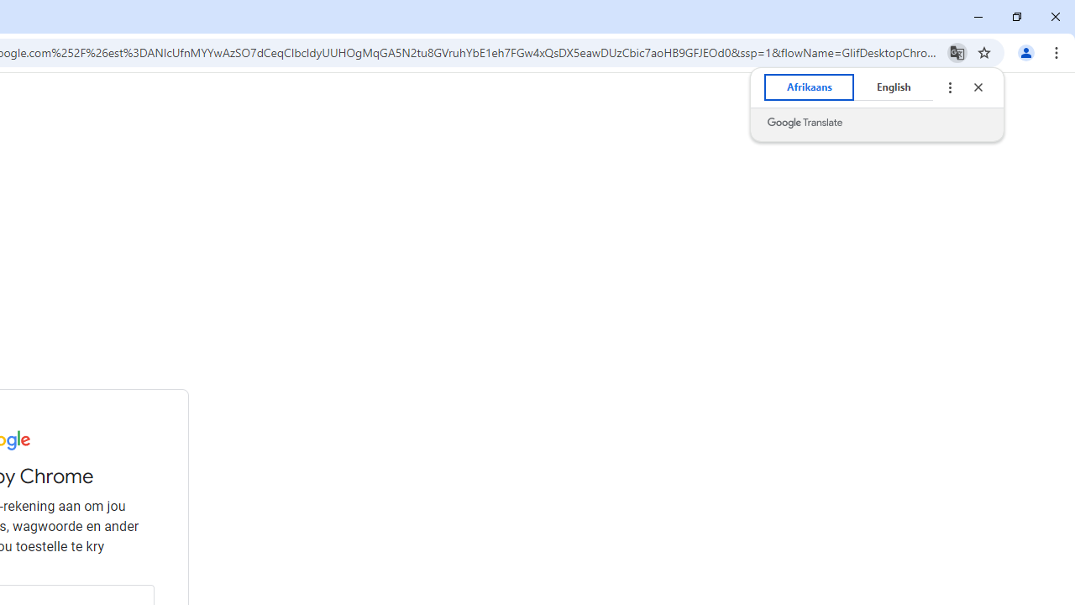 The height and width of the screenshot is (605, 1075). Describe the element at coordinates (893, 87) in the screenshot. I see `'English'` at that location.